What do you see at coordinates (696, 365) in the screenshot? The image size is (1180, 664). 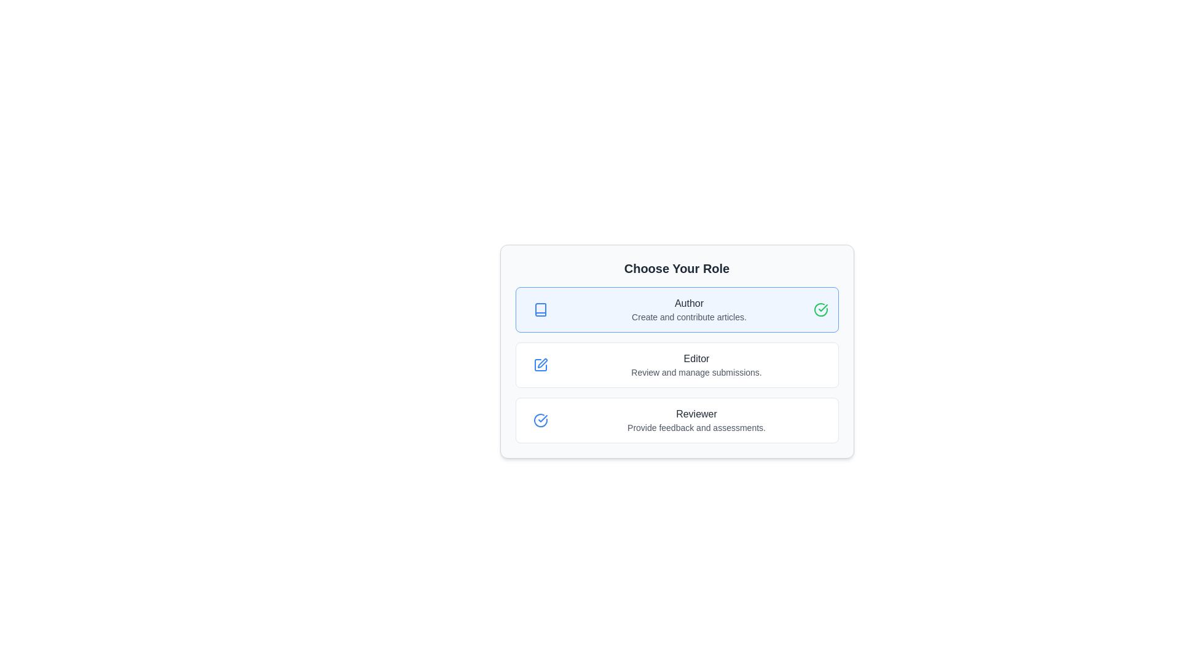 I see `the text block containing 'Editor' and 'Review and manage submissions'` at bounding box center [696, 365].